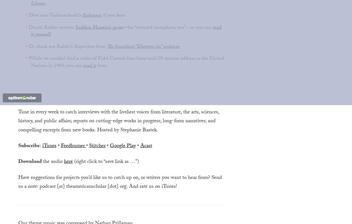 This screenshot has height=224, width=352. What do you see at coordinates (68, 47) in the screenshot?
I see `'Or check out Kalder’s dispatches from'` at bounding box center [68, 47].